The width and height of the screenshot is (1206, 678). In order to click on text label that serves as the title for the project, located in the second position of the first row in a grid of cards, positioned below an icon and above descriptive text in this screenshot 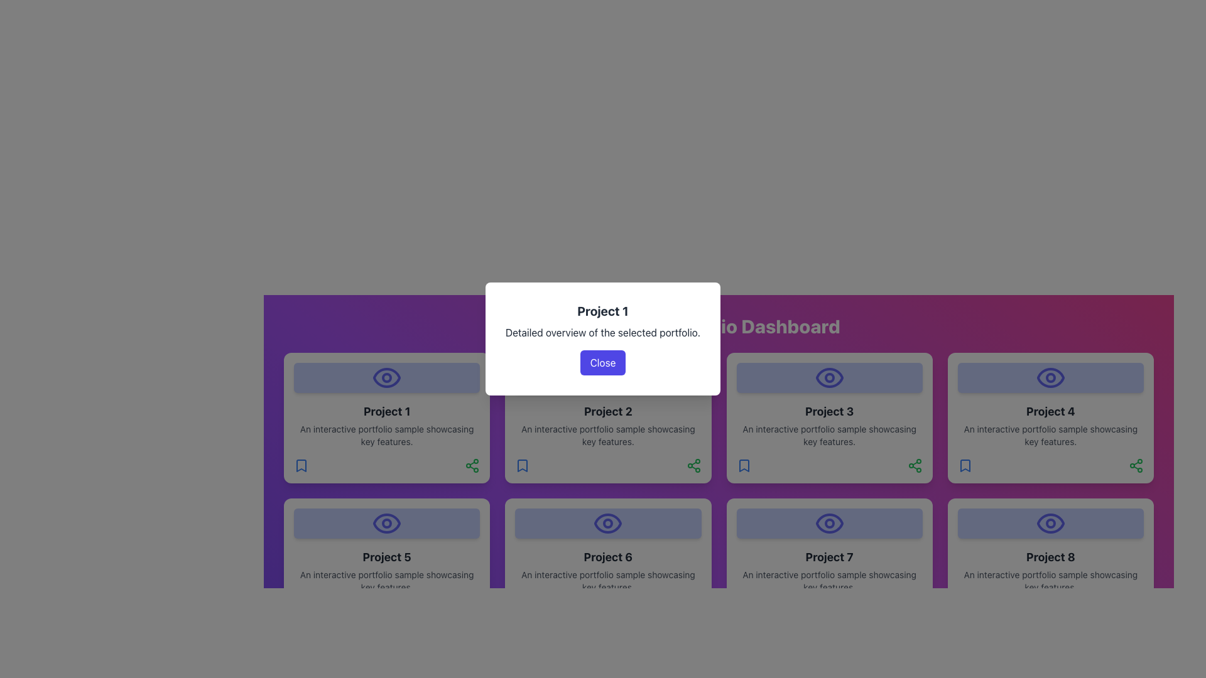, I will do `click(608, 411)`.